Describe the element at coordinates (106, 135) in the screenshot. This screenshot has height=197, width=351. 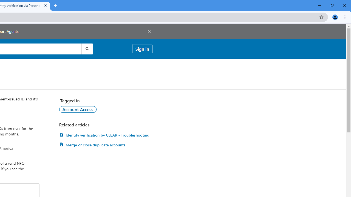
I see `'AutomationID: article-link-a1457505'` at that location.